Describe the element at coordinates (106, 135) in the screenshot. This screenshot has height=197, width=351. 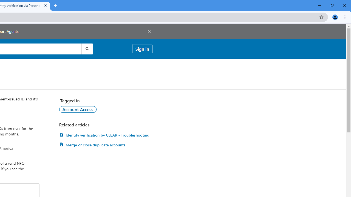
I see `'AutomationID: article-link-a1457505'` at that location.